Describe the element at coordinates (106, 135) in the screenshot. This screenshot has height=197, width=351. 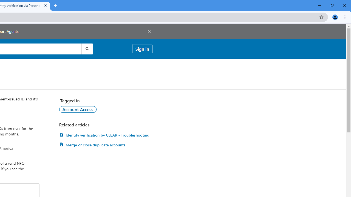
I see `'AutomationID: article-link-a1457505'` at that location.